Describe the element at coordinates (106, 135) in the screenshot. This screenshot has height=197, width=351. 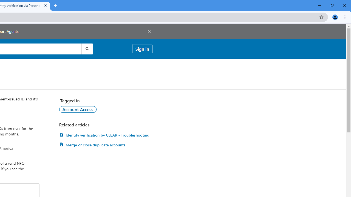
I see `'AutomationID: article-link-a1457505'` at that location.